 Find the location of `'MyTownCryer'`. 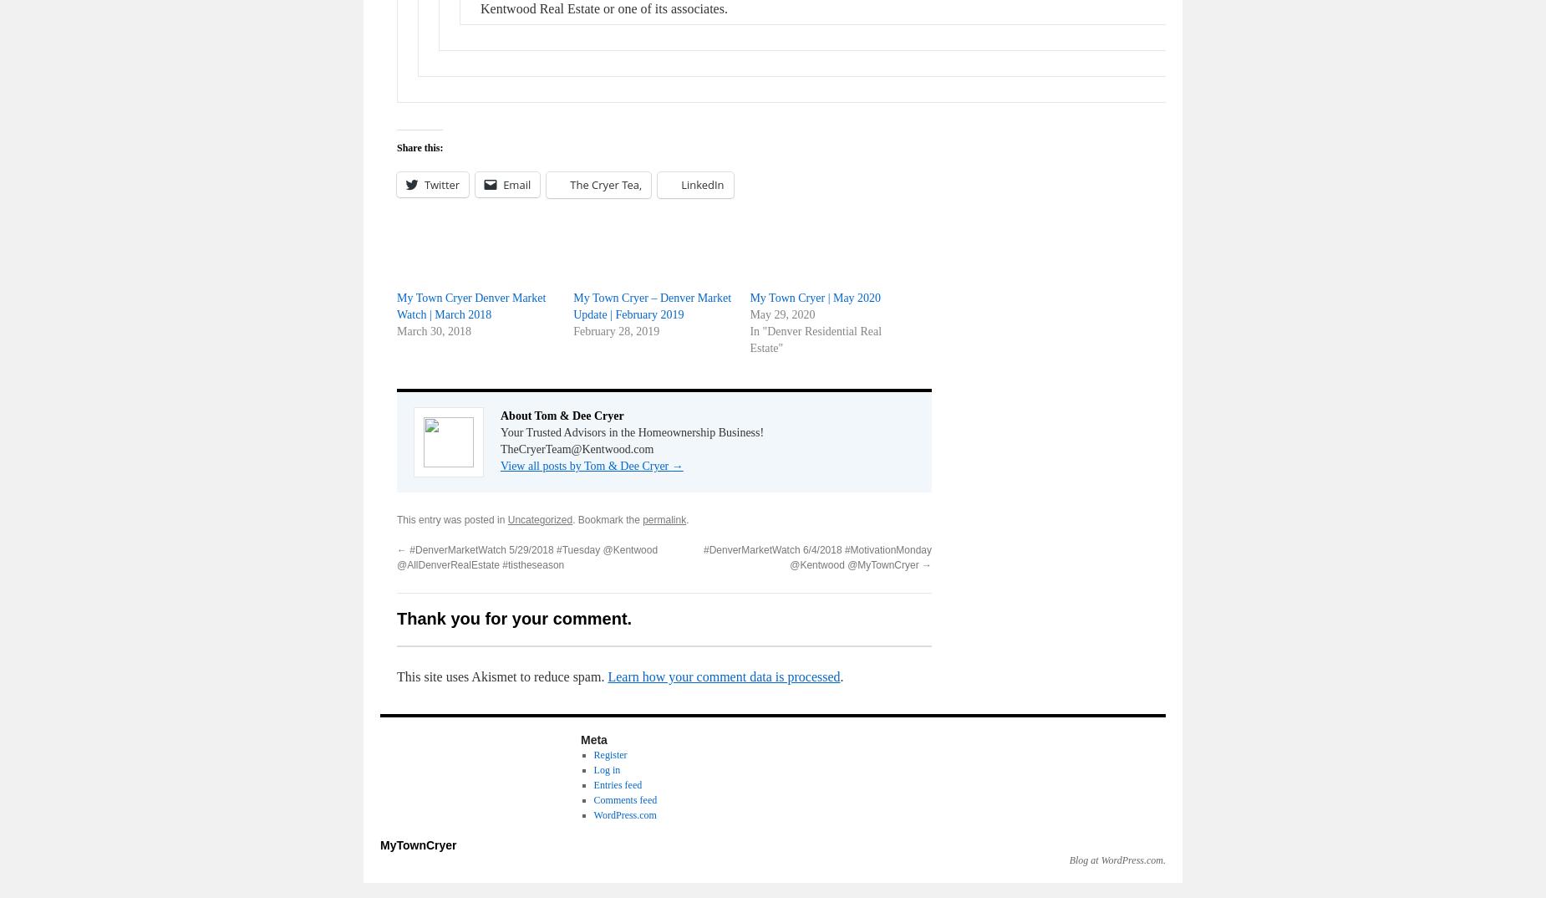

'MyTownCryer' is located at coordinates (418, 844).